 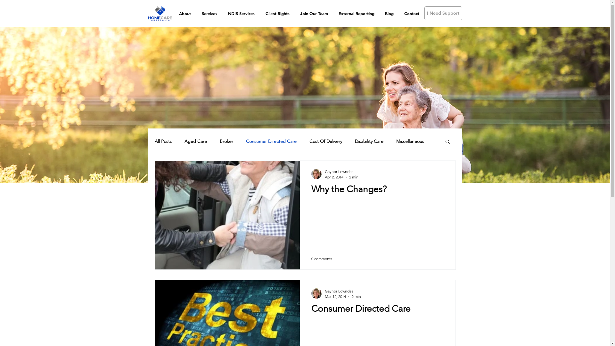 I want to click on '0 comments', so click(x=311, y=258).